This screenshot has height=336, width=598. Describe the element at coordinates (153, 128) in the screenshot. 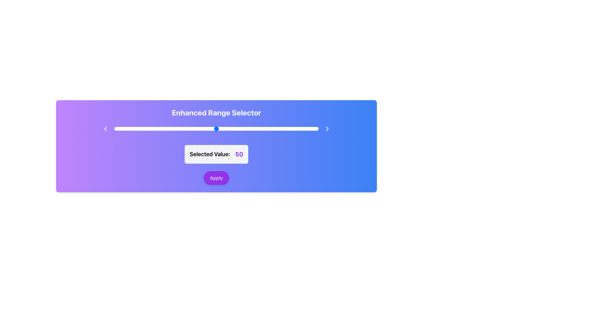

I see `the range slider` at that location.